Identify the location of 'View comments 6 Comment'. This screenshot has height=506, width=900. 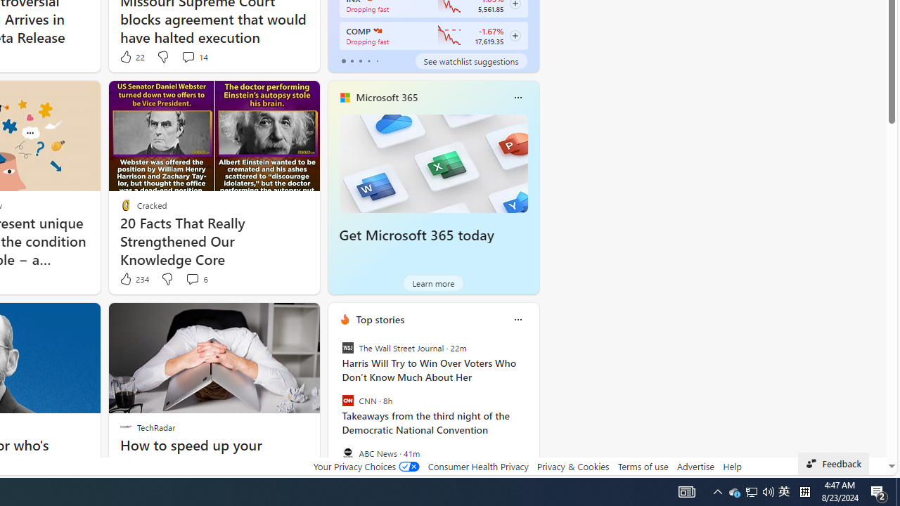
(195, 279).